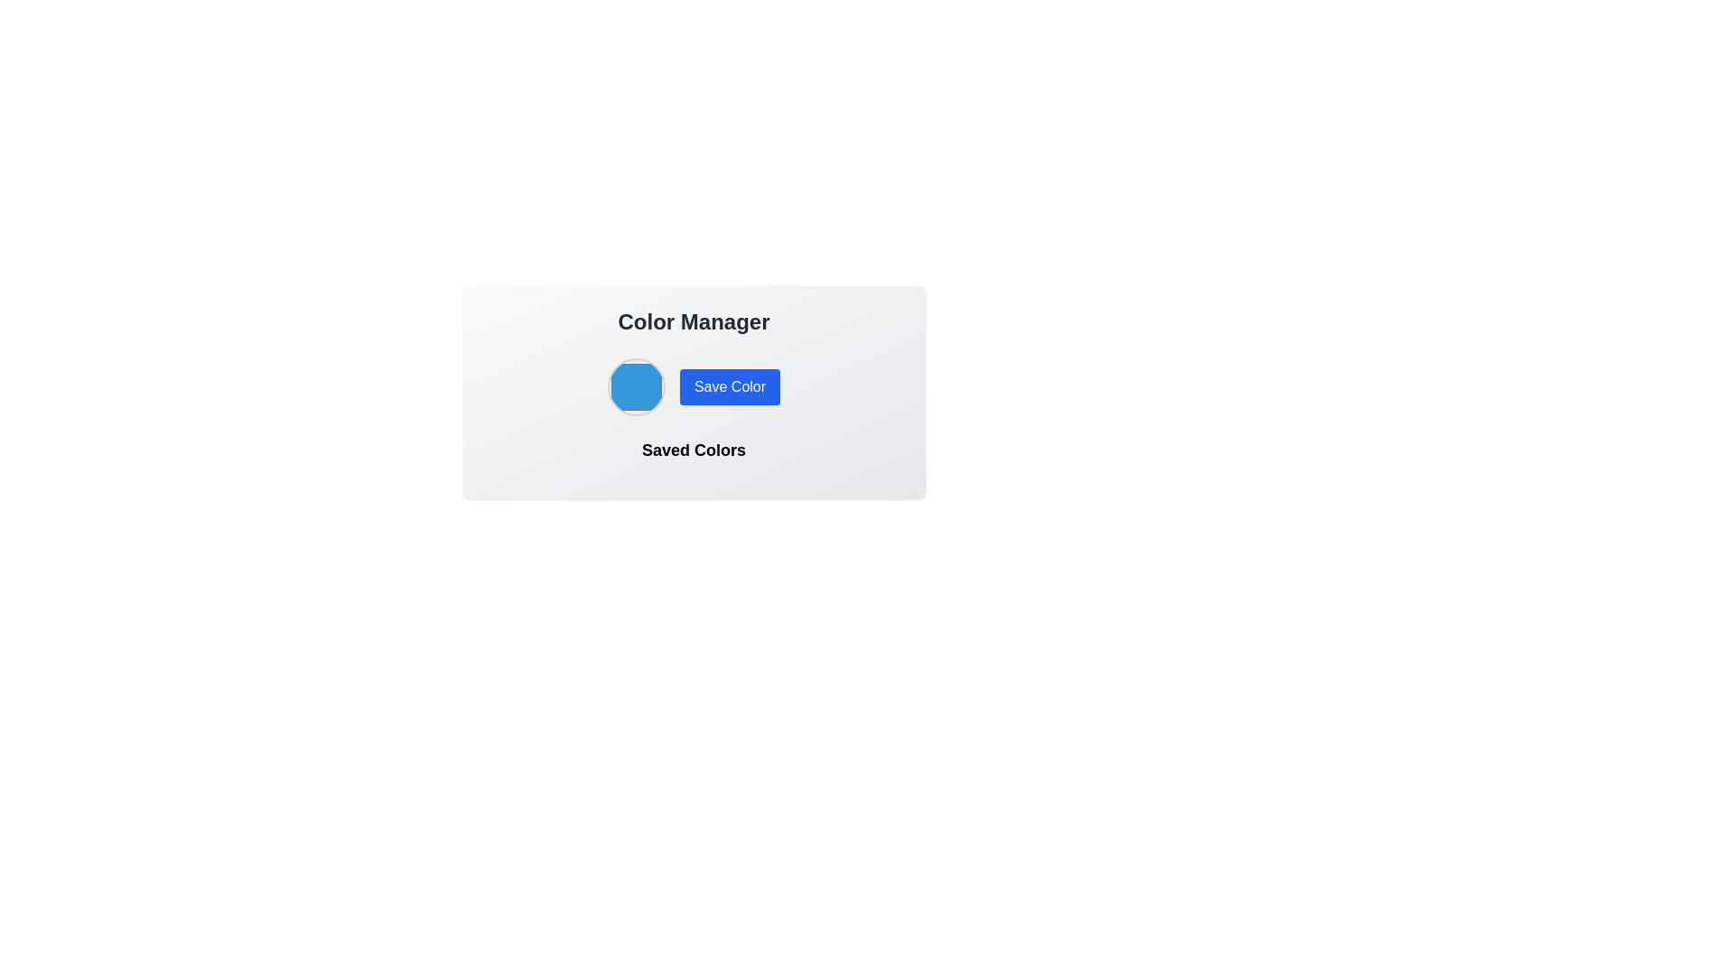  What do you see at coordinates (730, 385) in the screenshot?
I see `the blue 'Save Color' button with white text` at bounding box center [730, 385].